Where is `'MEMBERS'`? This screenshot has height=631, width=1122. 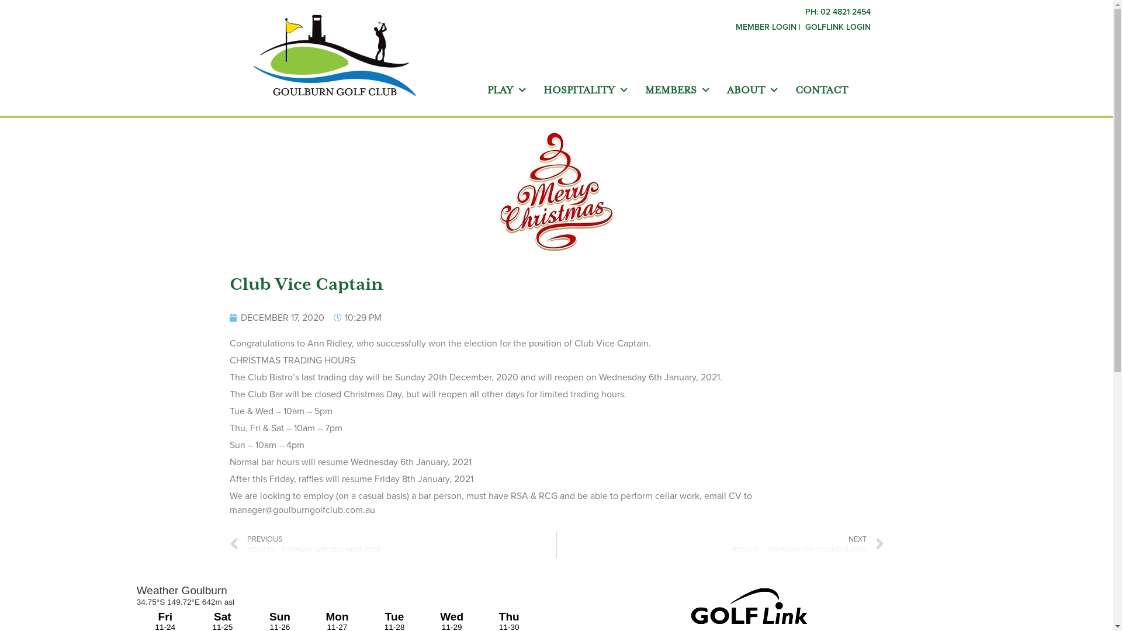
'MEMBERS' is located at coordinates (677, 89).